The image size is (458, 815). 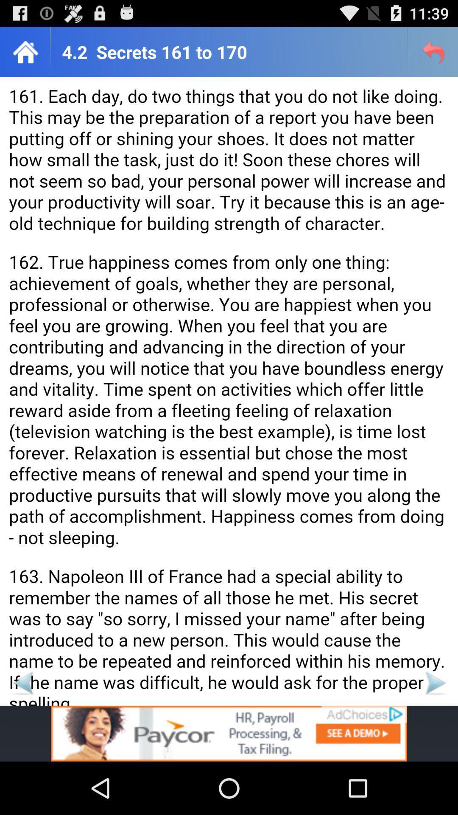 What do you see at coordinates (22, 730) in the screenshot?
I see `the arrow_backward icon` at bounding box center [22, 730].